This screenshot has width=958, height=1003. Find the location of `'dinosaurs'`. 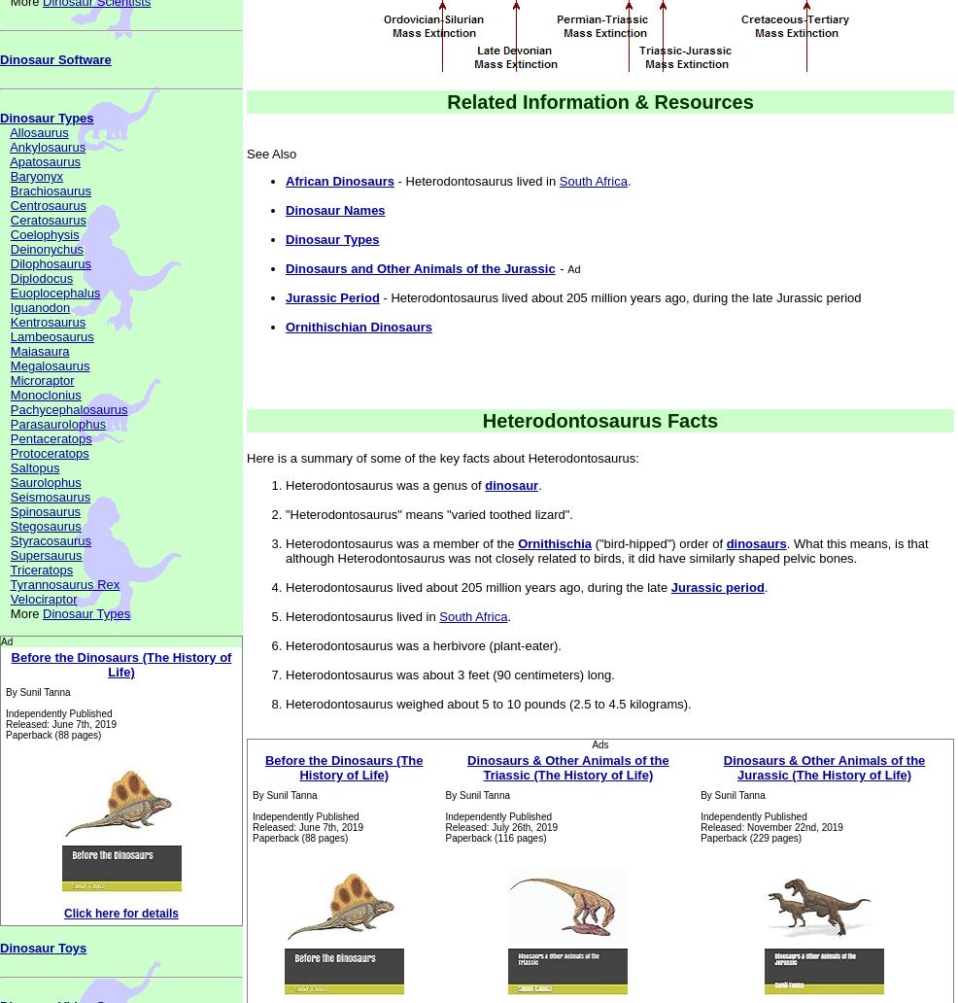

'dinosaurs' is located at coordinates (755, 543).